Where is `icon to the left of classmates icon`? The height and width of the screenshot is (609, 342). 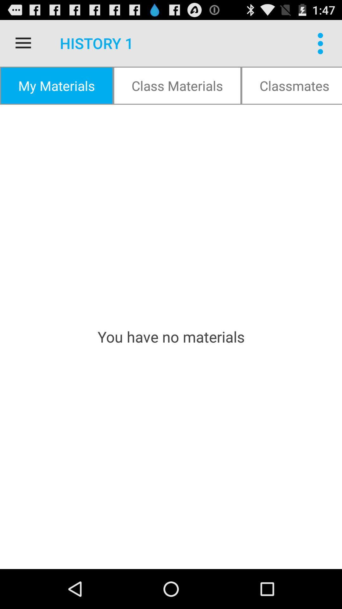
icon to the left of classmates icon is located at coordinates (177, 85).